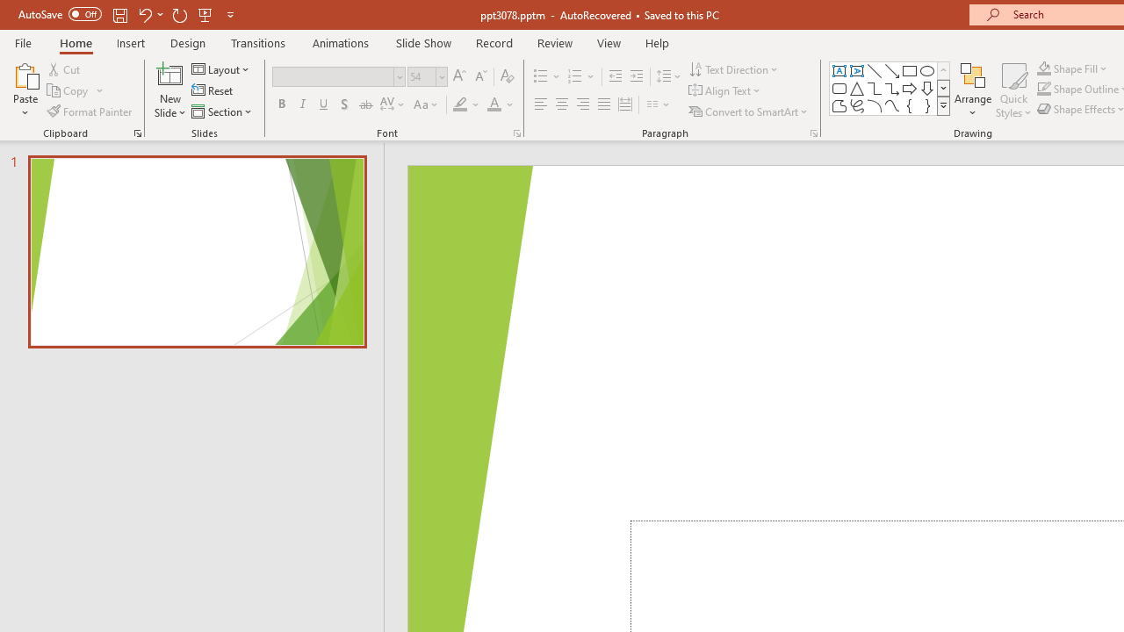 This screenshot has width=1124, height=632. What do you see at coordinates (540, 104) in the screenshot?
I see `'Align Left'` at bounding box center [540, 104].